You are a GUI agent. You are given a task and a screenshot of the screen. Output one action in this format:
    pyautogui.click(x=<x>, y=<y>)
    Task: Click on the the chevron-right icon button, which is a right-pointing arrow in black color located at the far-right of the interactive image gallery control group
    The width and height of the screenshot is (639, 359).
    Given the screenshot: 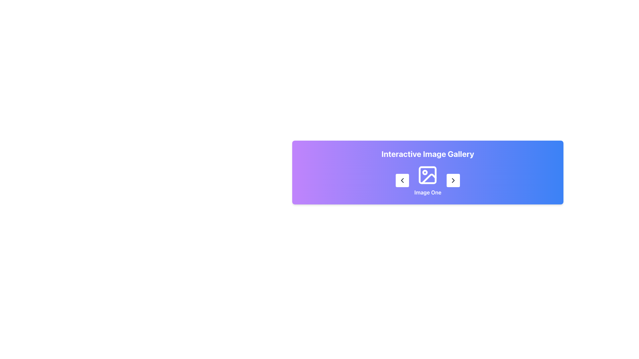 What is the action you would take?
    pyautogui.click(x=453, y=180)
    